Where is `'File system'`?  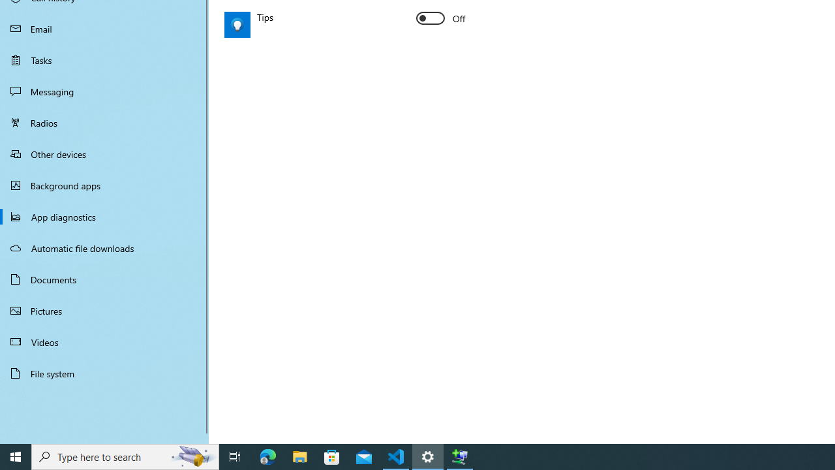 'File system' is located at coordinates (104, 373).